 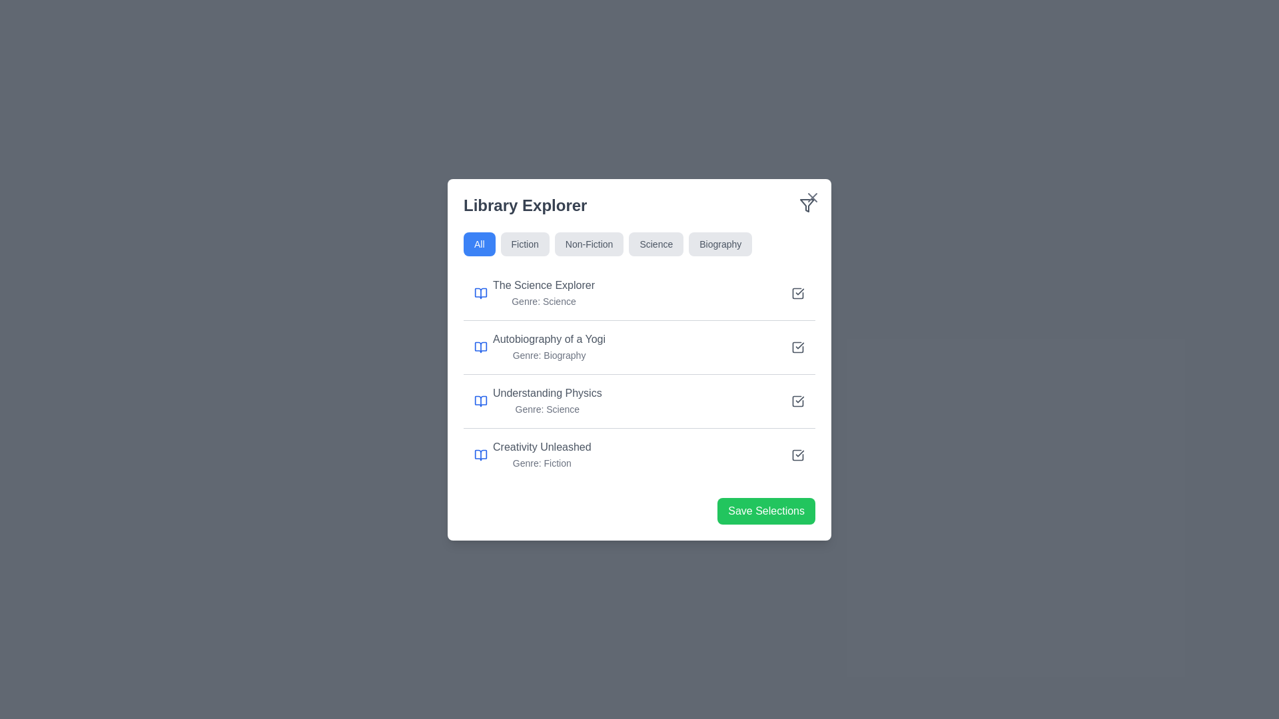 I want to click on the filter icon located at the top-right corner of the 'Library Explorer' header, so click(x=806, y=205).